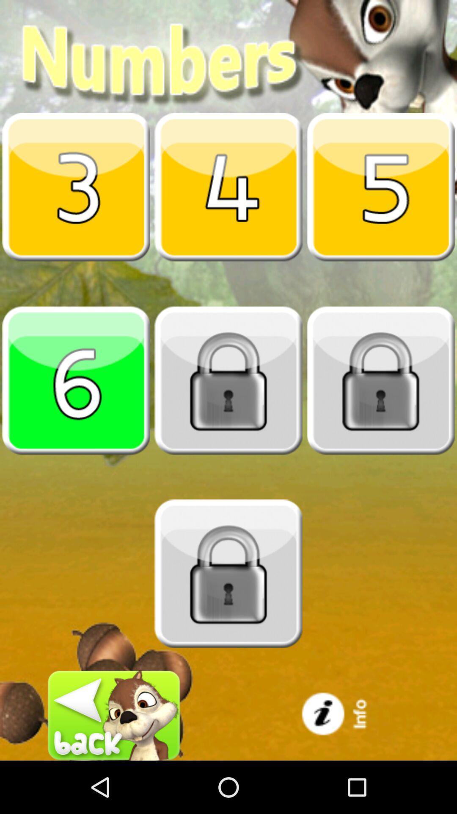 Image resolution: width=457 pixels, height=814 pixels. I want to click on level 3, so click(76, 187).